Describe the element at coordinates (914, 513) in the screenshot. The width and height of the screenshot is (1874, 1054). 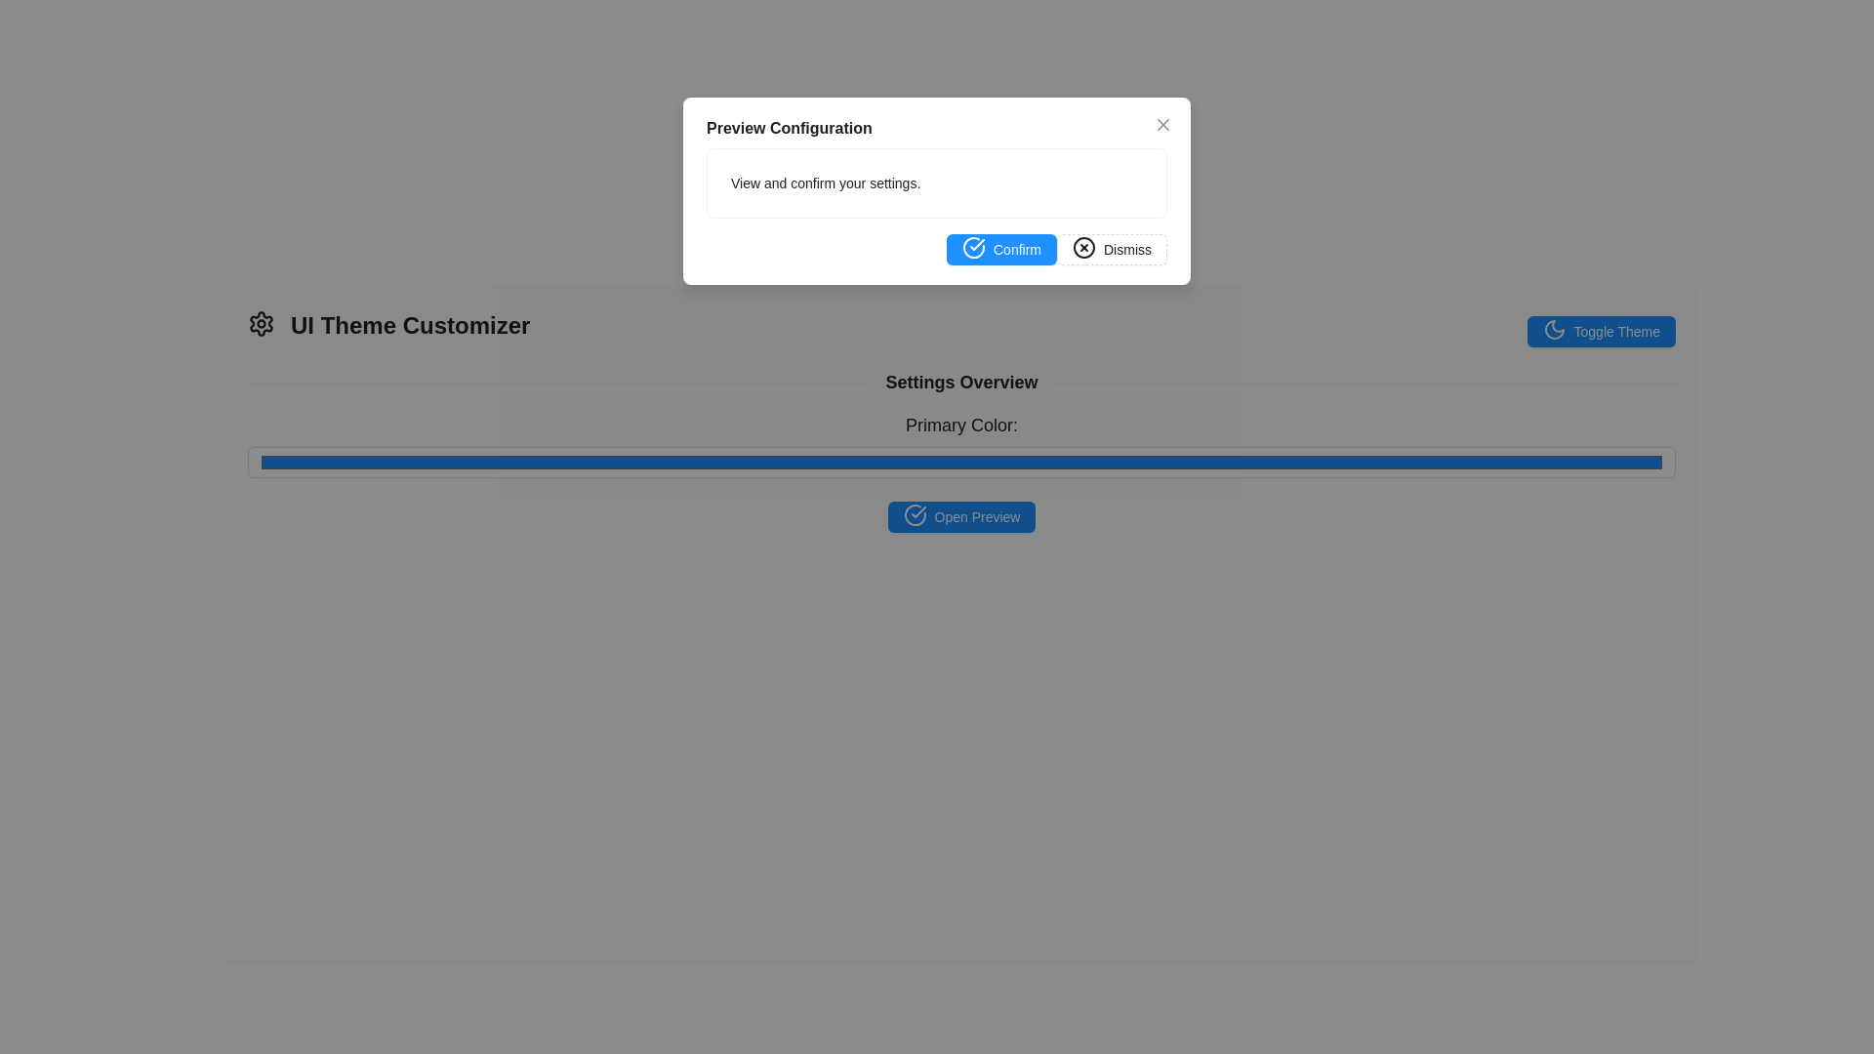
I see `the confirmation icon located at the center of the circular button beneath the 'Open Preview' text` at that location.